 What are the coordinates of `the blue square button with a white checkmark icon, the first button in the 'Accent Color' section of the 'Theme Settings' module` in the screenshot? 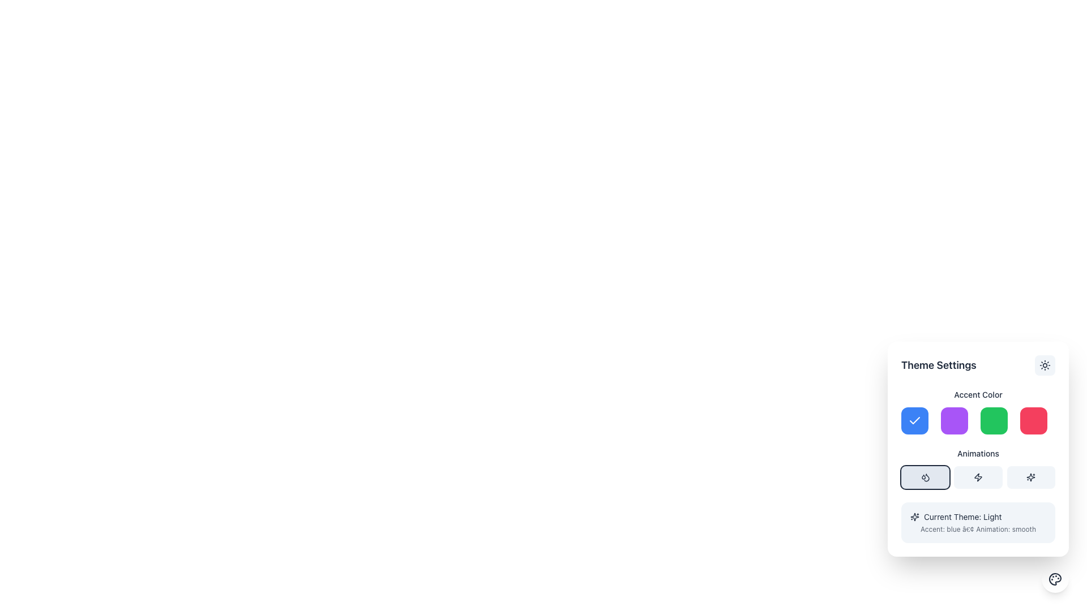 It's located at (915, 421).